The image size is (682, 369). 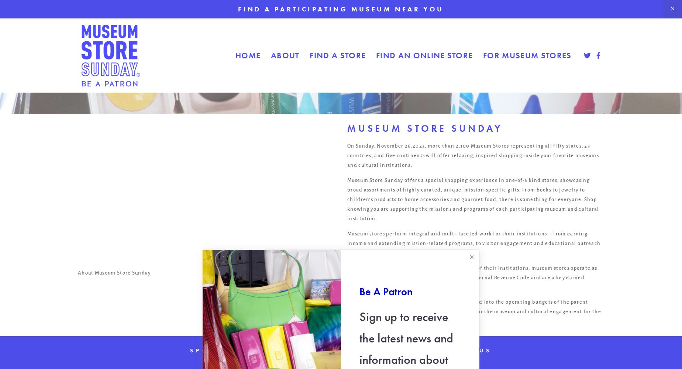 What do you see at coordinates (347, 199) in the screenshot?
I see `'Museum Store Sunday offers a special shopping experience in one-of-a kind stores, showcasing broad assortments of highly curated, unique, mission-specific gifts. From books to jewelry to children’s products to home accessories and gourmet food, there is something for everyone. Shop knowing you are supporting the missions and programs of each participating museum and cultural institution.'` at bounding box center [347, 199].